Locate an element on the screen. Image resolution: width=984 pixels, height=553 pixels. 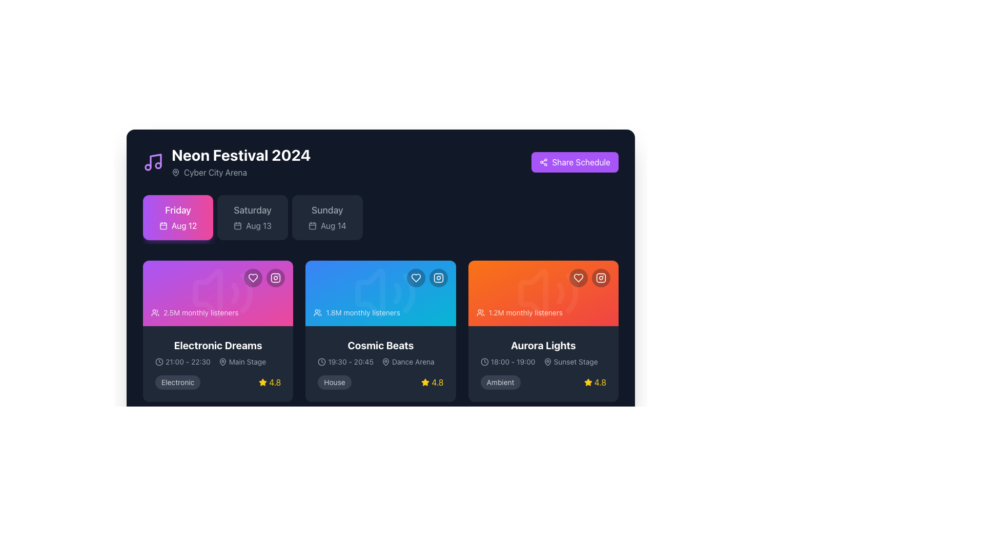
the non-interactive label that indicates the specific date, August 13th, located below the text 'Saturday' within the date selection card is located at coordinates (253, 225).